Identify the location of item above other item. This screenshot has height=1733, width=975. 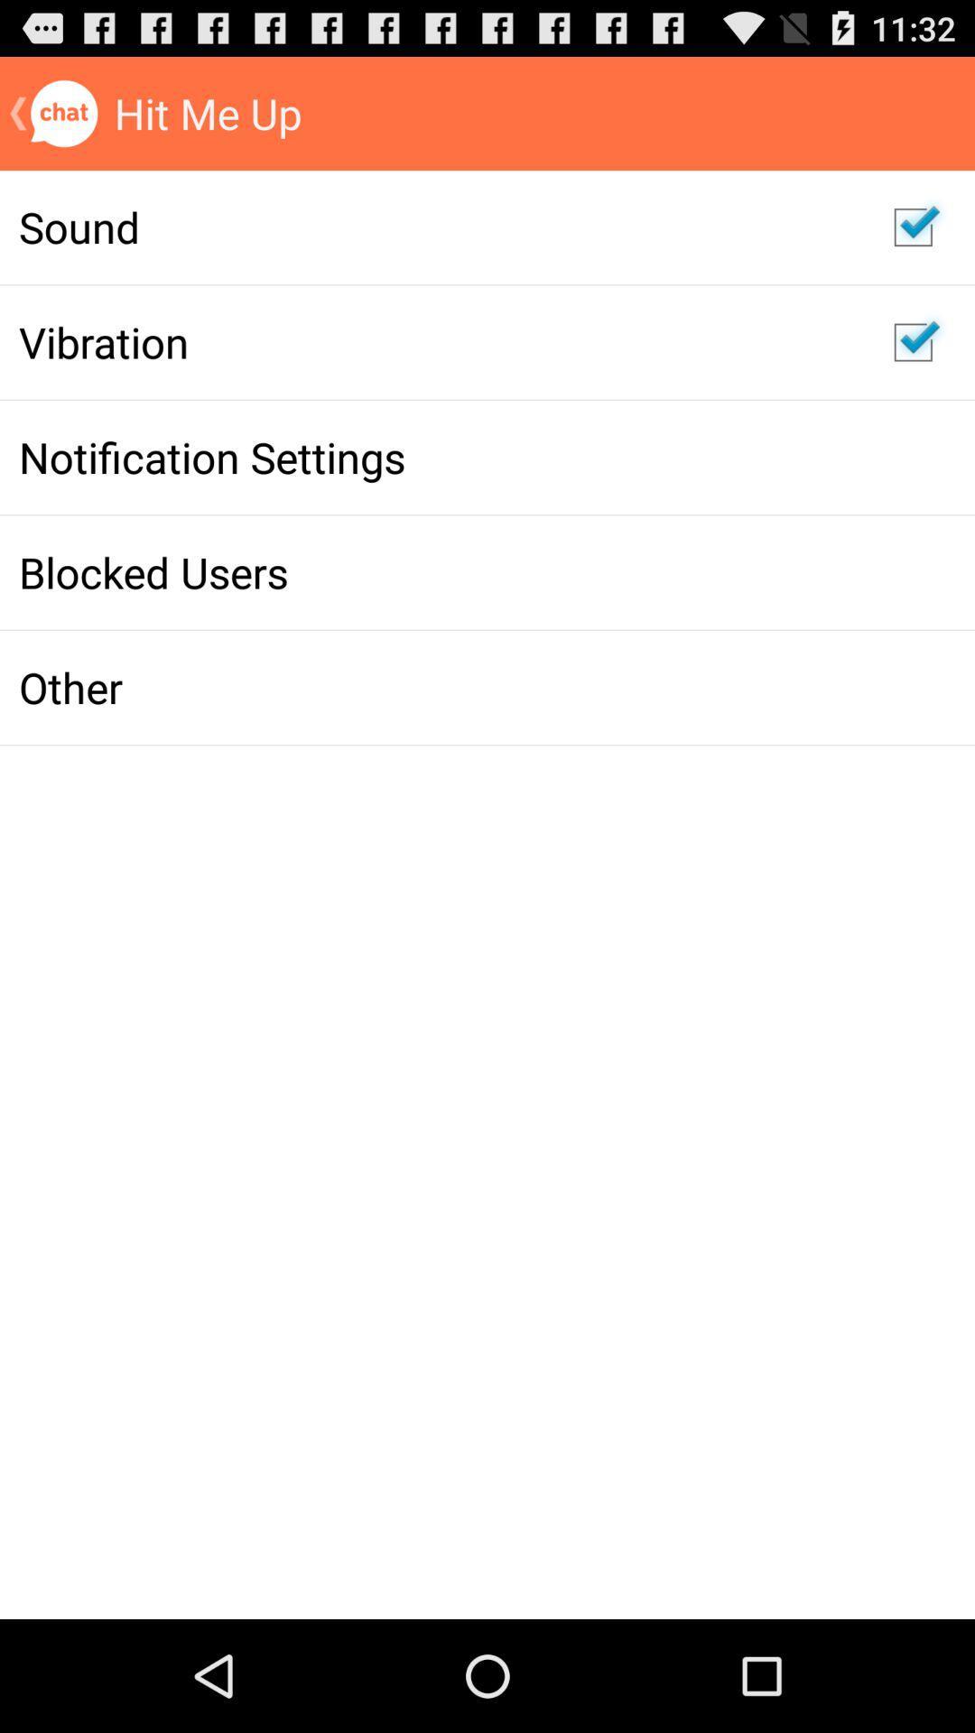
(437, 571).